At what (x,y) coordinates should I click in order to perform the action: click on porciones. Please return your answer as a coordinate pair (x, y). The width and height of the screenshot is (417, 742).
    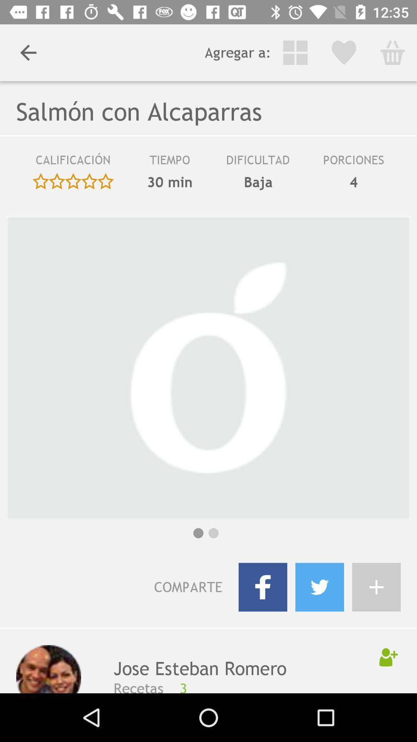
    Looking at the image, I should click on (353, 162).